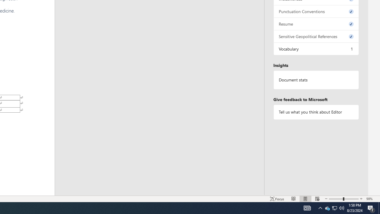 This screenshot has width=380, height=214. What do you see at coordinates (305, 199) in the screenshot?
I see `'Print Layout'` at bounding box center [305, 199].